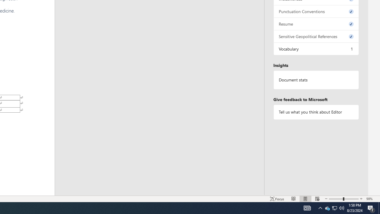 This screenshot has width=380, height=214. What do you see at coordinates (305, 199) in the screenshot?
I see `'Print Layout'` at bounding box center [305, 199].